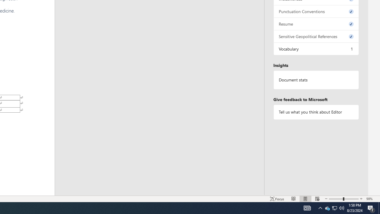 This screenshot has width=380, height=214. What do you see at coordinates (305, 199) in the screenshot?
I see `'Print Layout'` at bounding box center [305, 199].